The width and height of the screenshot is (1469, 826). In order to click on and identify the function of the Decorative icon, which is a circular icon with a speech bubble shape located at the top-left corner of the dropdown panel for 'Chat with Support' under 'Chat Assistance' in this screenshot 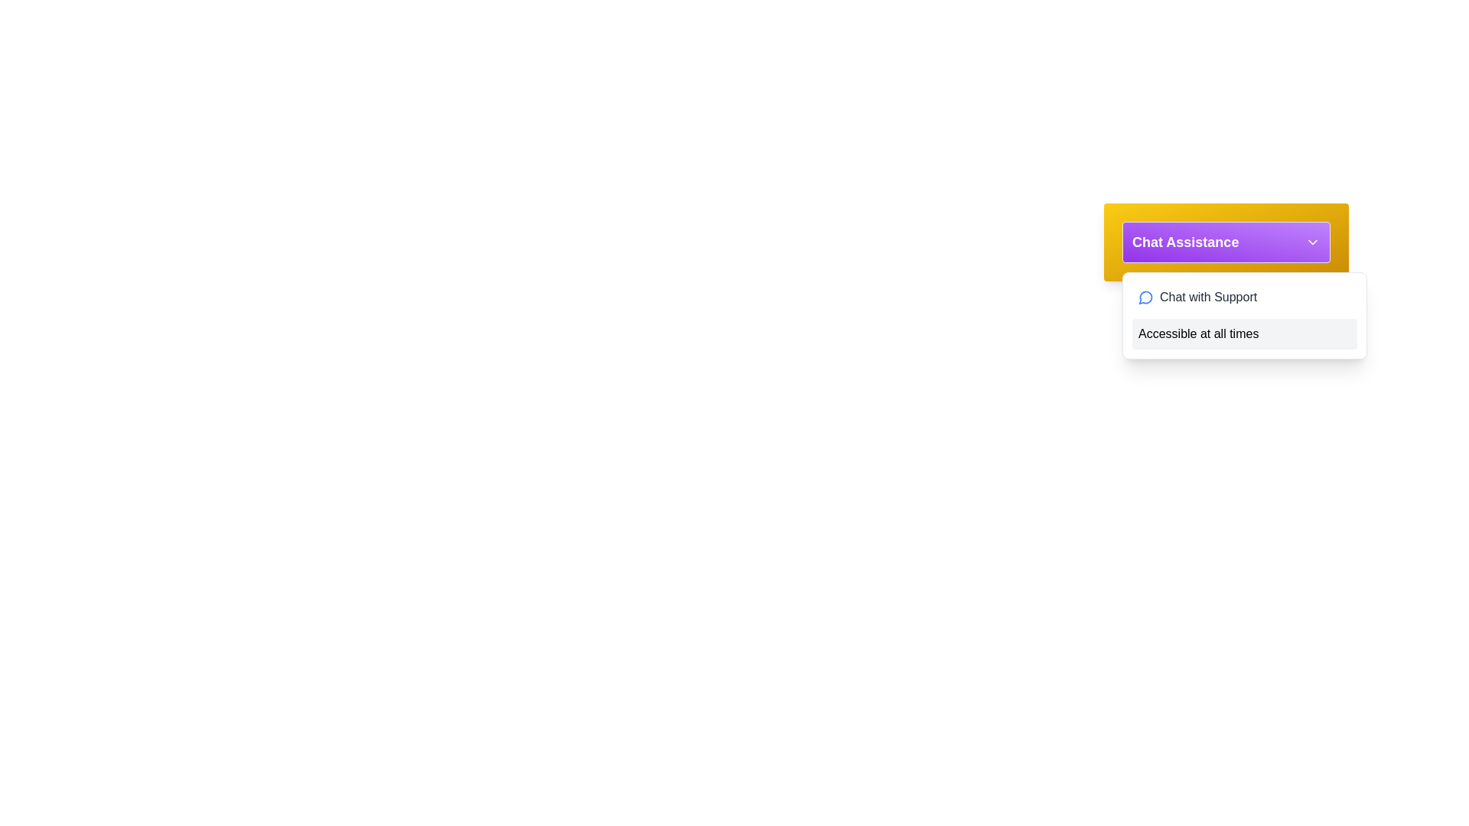, I will do `click(1145, 298)`.